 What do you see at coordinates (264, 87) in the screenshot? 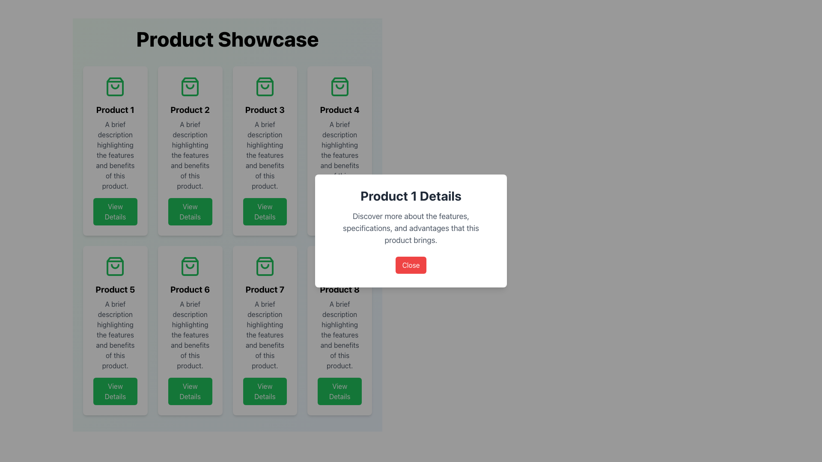
I see `the green shopping bag icon associated with 'Product 3', located in the first row, third column of the product tiles` at bounding box center [264, 87].